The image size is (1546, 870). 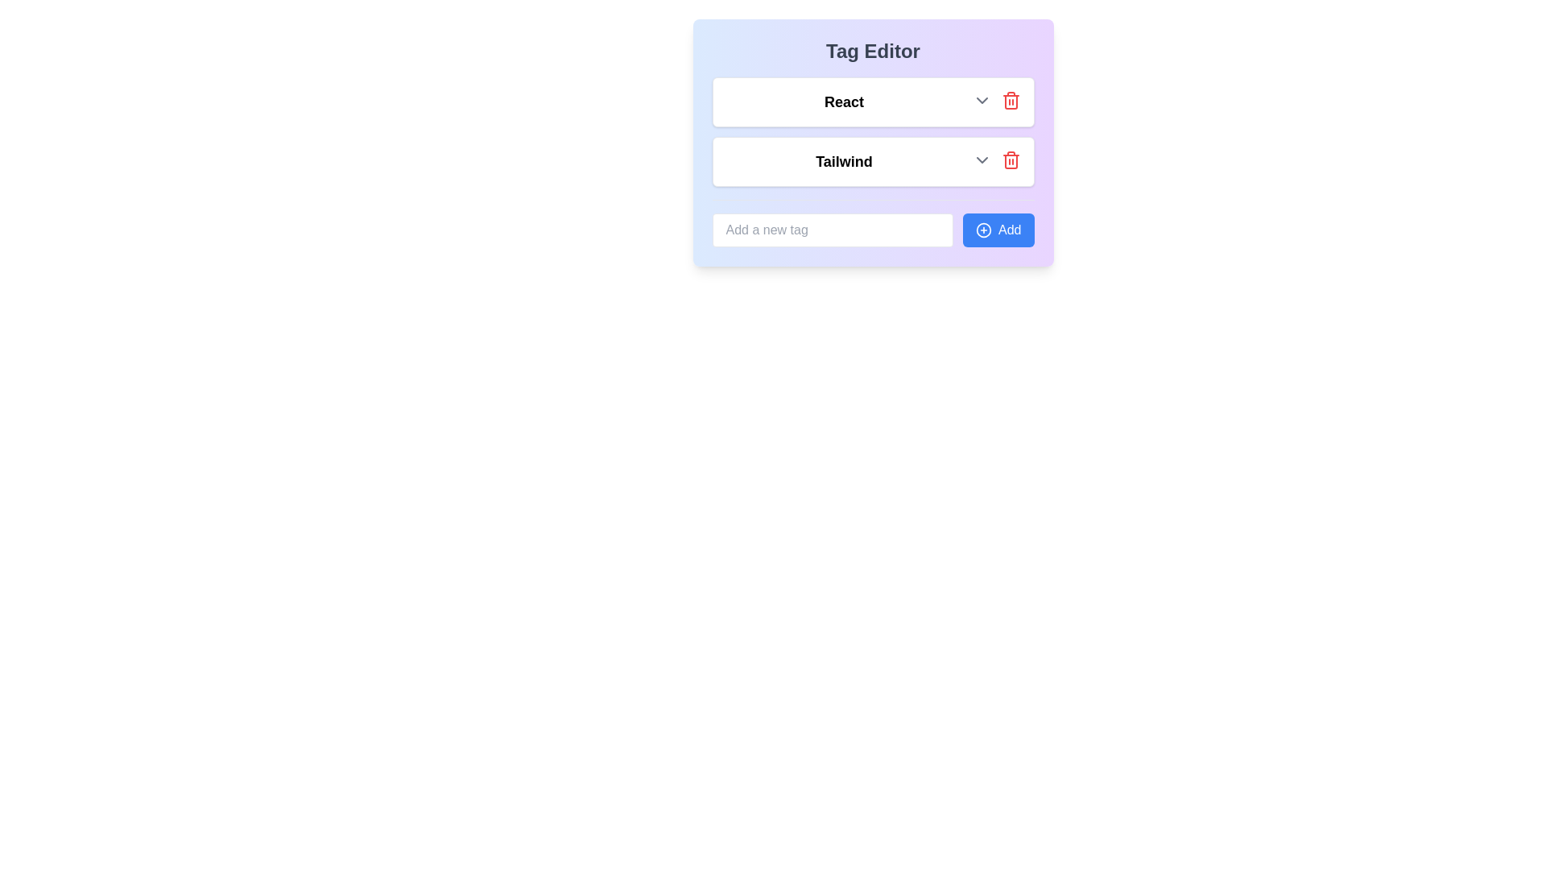 I want to click on the red trash can icon located next to the 'Tailwind' tag label to observe the hover effect, so click(x=1010, y=160).